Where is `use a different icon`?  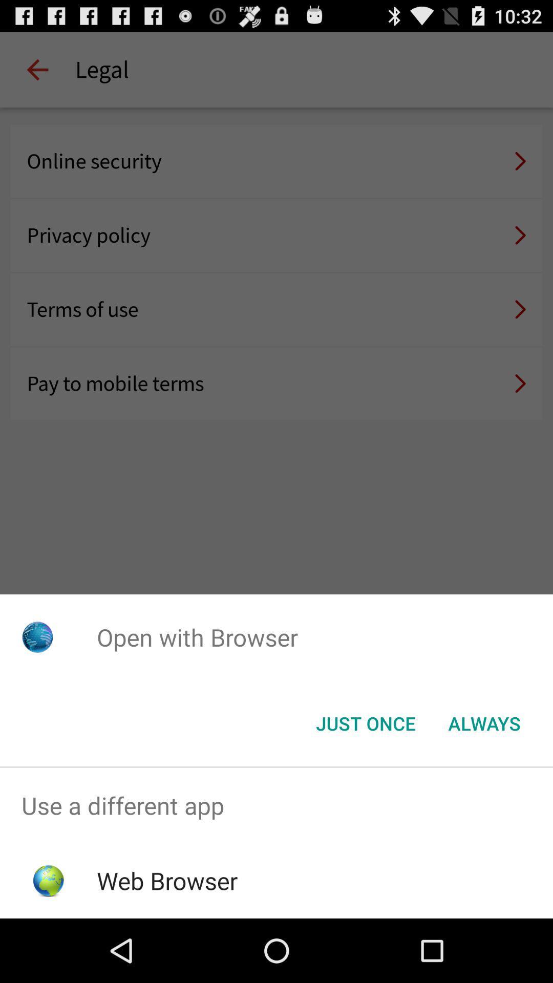 use a different icon is located at coordinates (276, 805).